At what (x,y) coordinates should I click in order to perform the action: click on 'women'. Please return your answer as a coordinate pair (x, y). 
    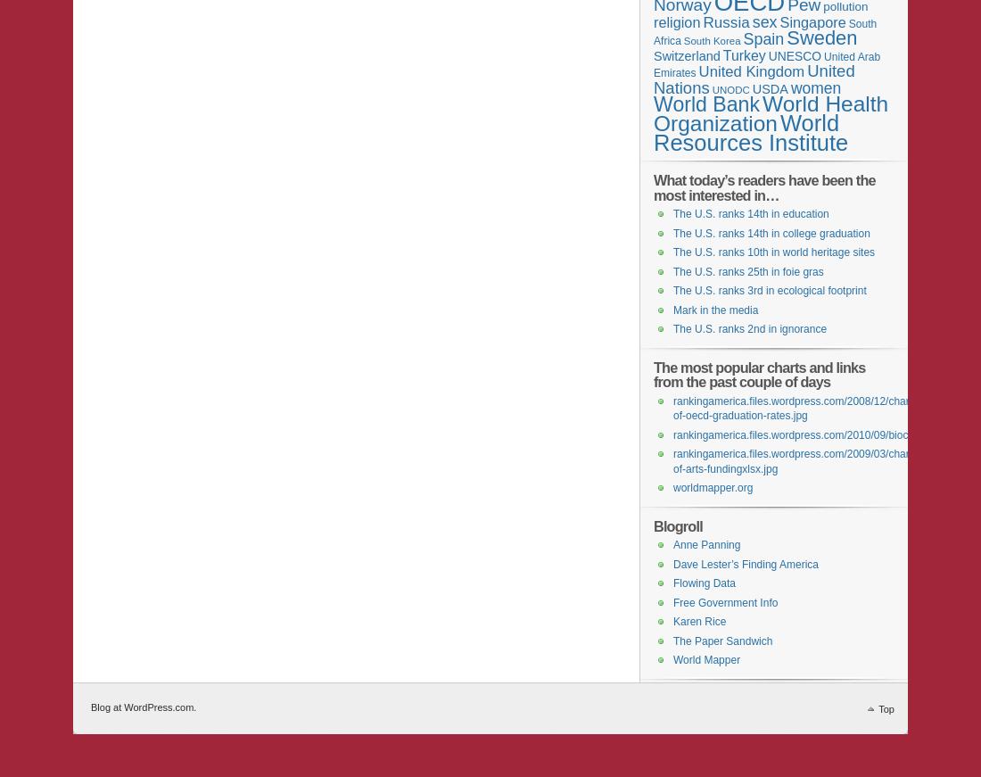
    Looking at the image, I should click on (815, 86).